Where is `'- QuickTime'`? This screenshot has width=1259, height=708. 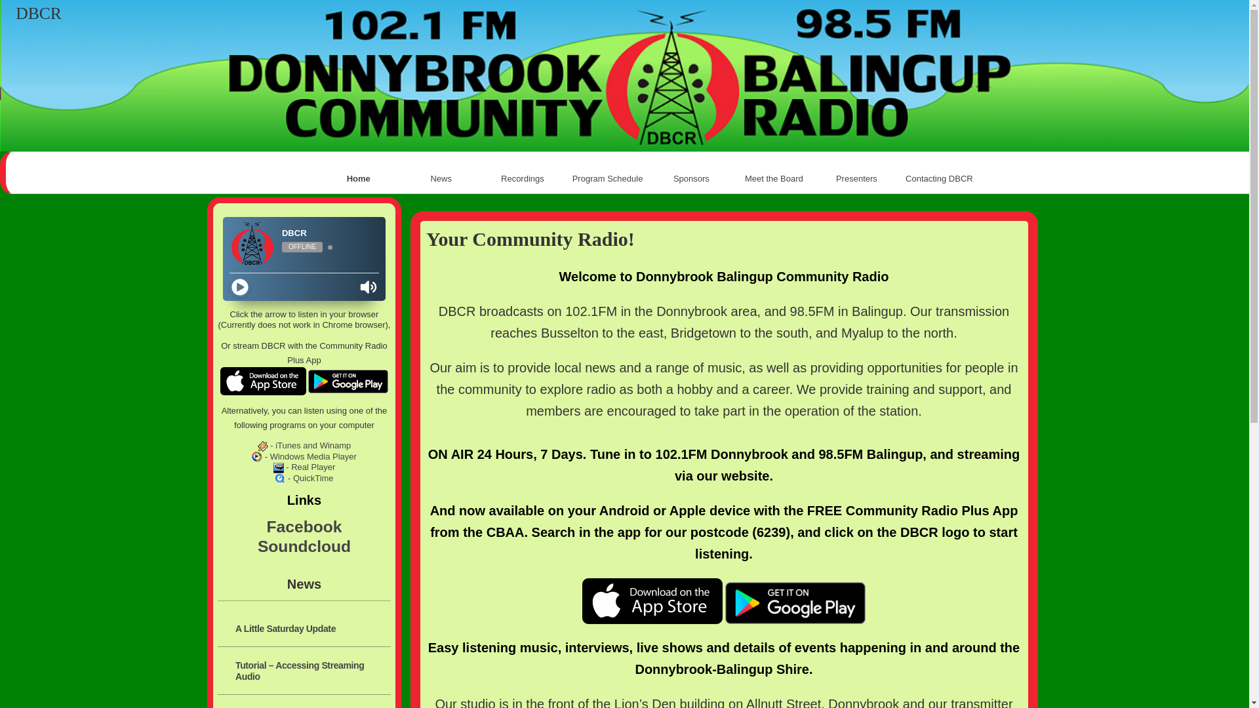 '- QuickTime' is located at coordinates (303, 478).